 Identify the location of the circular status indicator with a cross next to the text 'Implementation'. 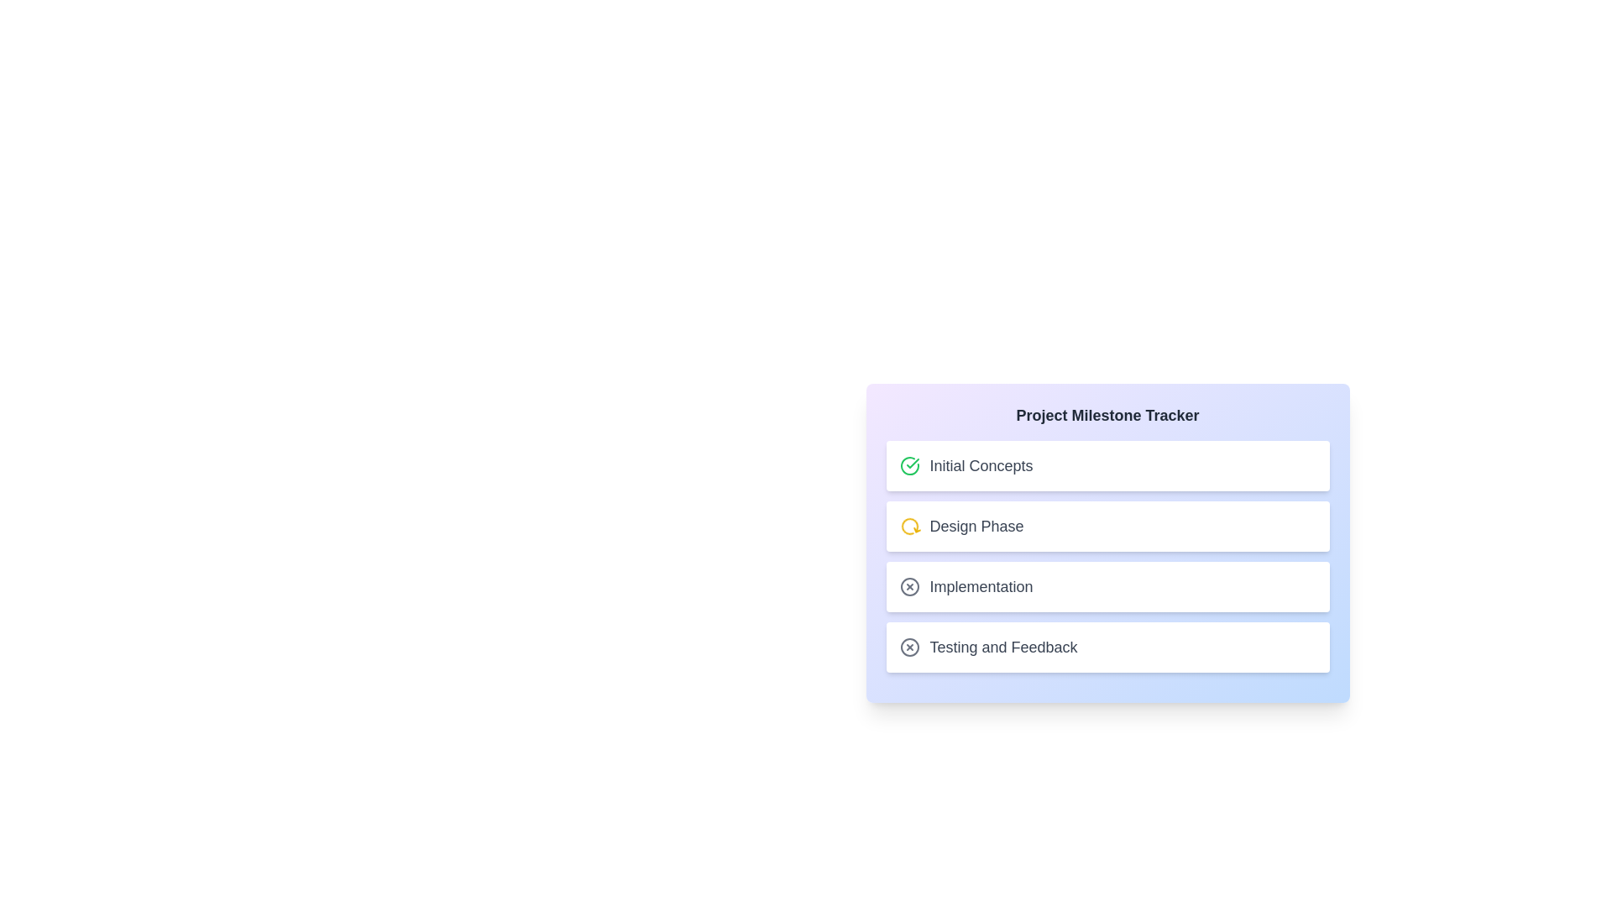
(908, 585).